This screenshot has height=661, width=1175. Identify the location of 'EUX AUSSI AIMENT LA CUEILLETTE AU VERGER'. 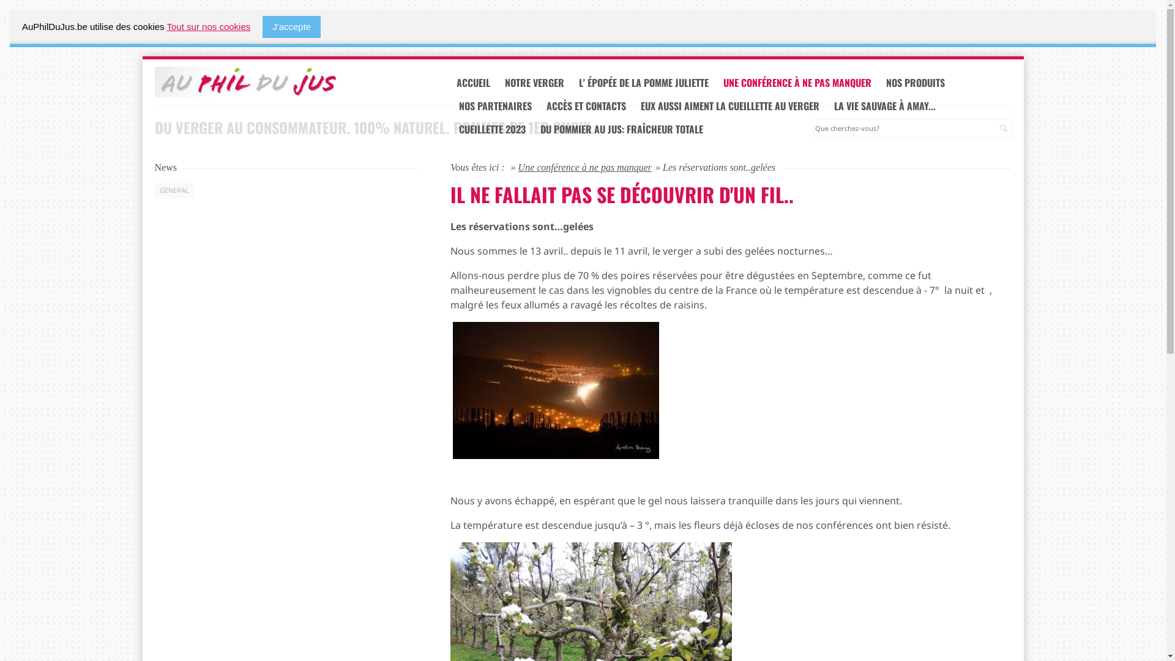
(728, 105).